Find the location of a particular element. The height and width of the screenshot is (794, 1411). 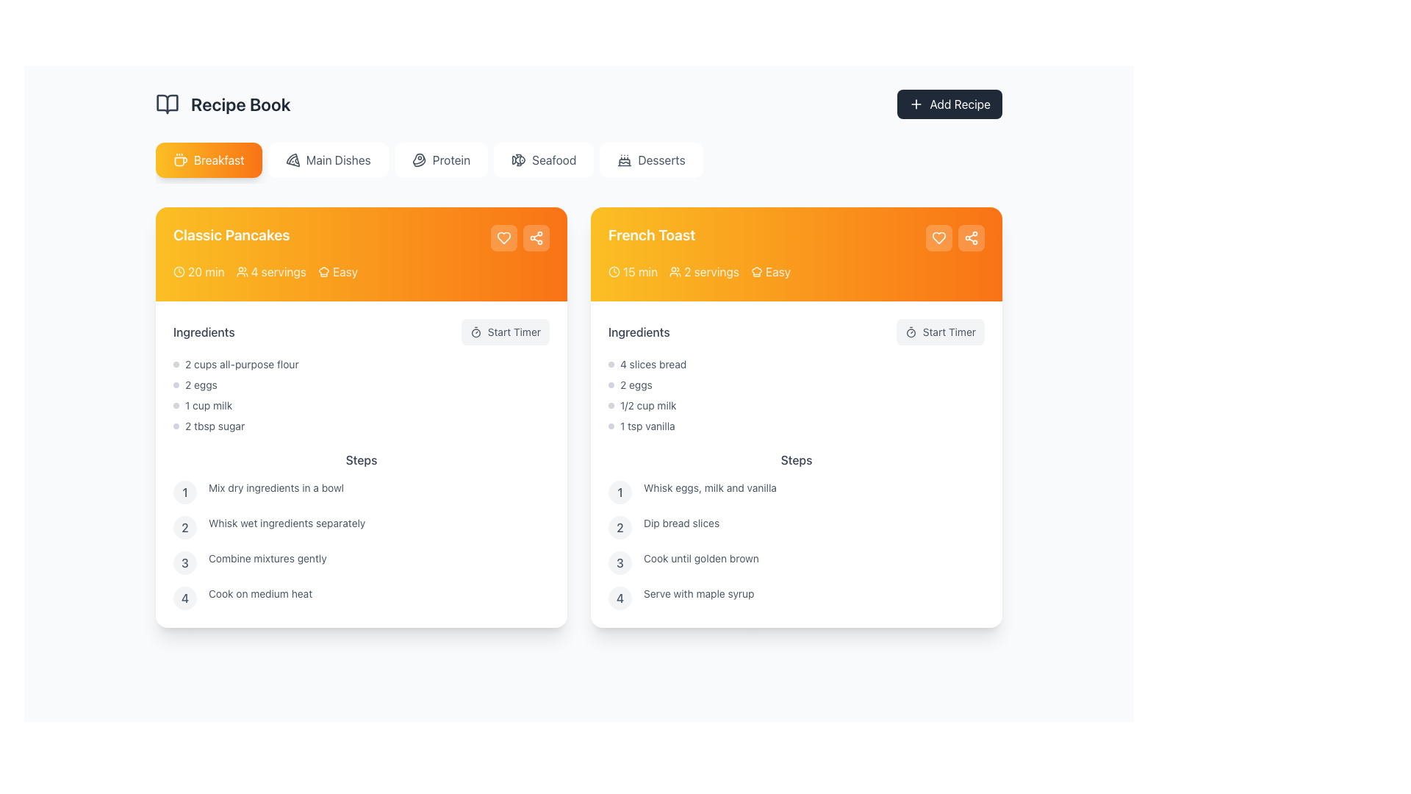

the non-interactive text label that reads 'Combine mixtures gently', which is the third step in the 'Steps' section of the 'Classic Pancakes' recipe card is located at coordinates (268, 562).